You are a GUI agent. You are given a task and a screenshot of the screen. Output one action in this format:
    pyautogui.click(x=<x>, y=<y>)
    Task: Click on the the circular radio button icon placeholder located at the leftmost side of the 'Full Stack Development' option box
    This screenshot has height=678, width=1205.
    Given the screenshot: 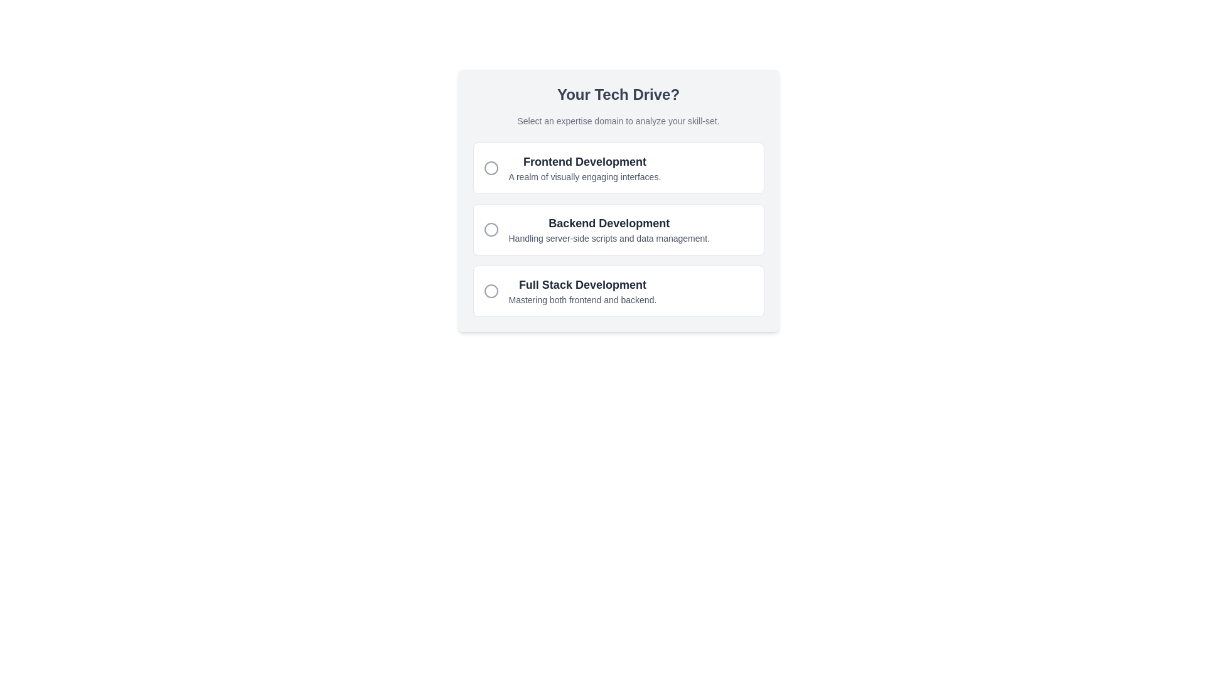 What is the action you would take?
    pyautogui.click(x=490, y=291)
    